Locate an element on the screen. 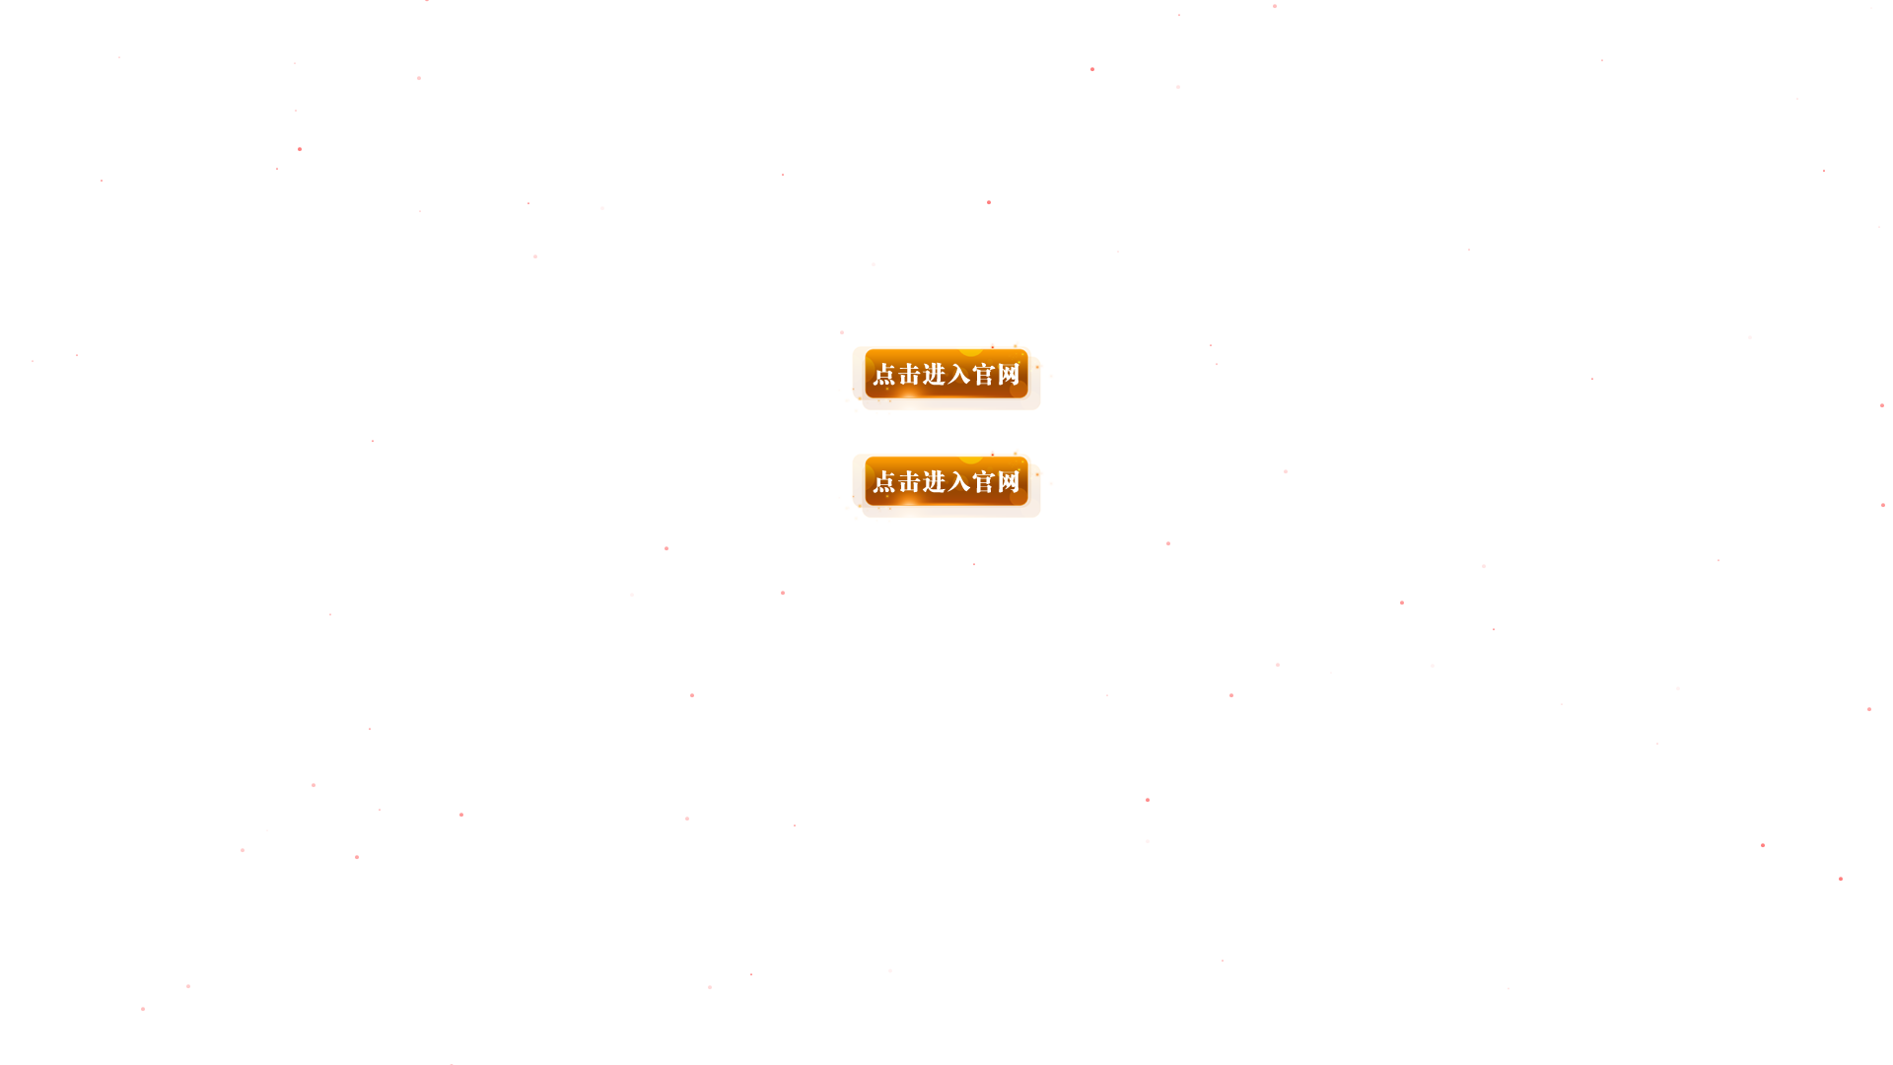 The height and width of the screenshot is (1065, 1893). ' ' is located at coordinates (946, 420).